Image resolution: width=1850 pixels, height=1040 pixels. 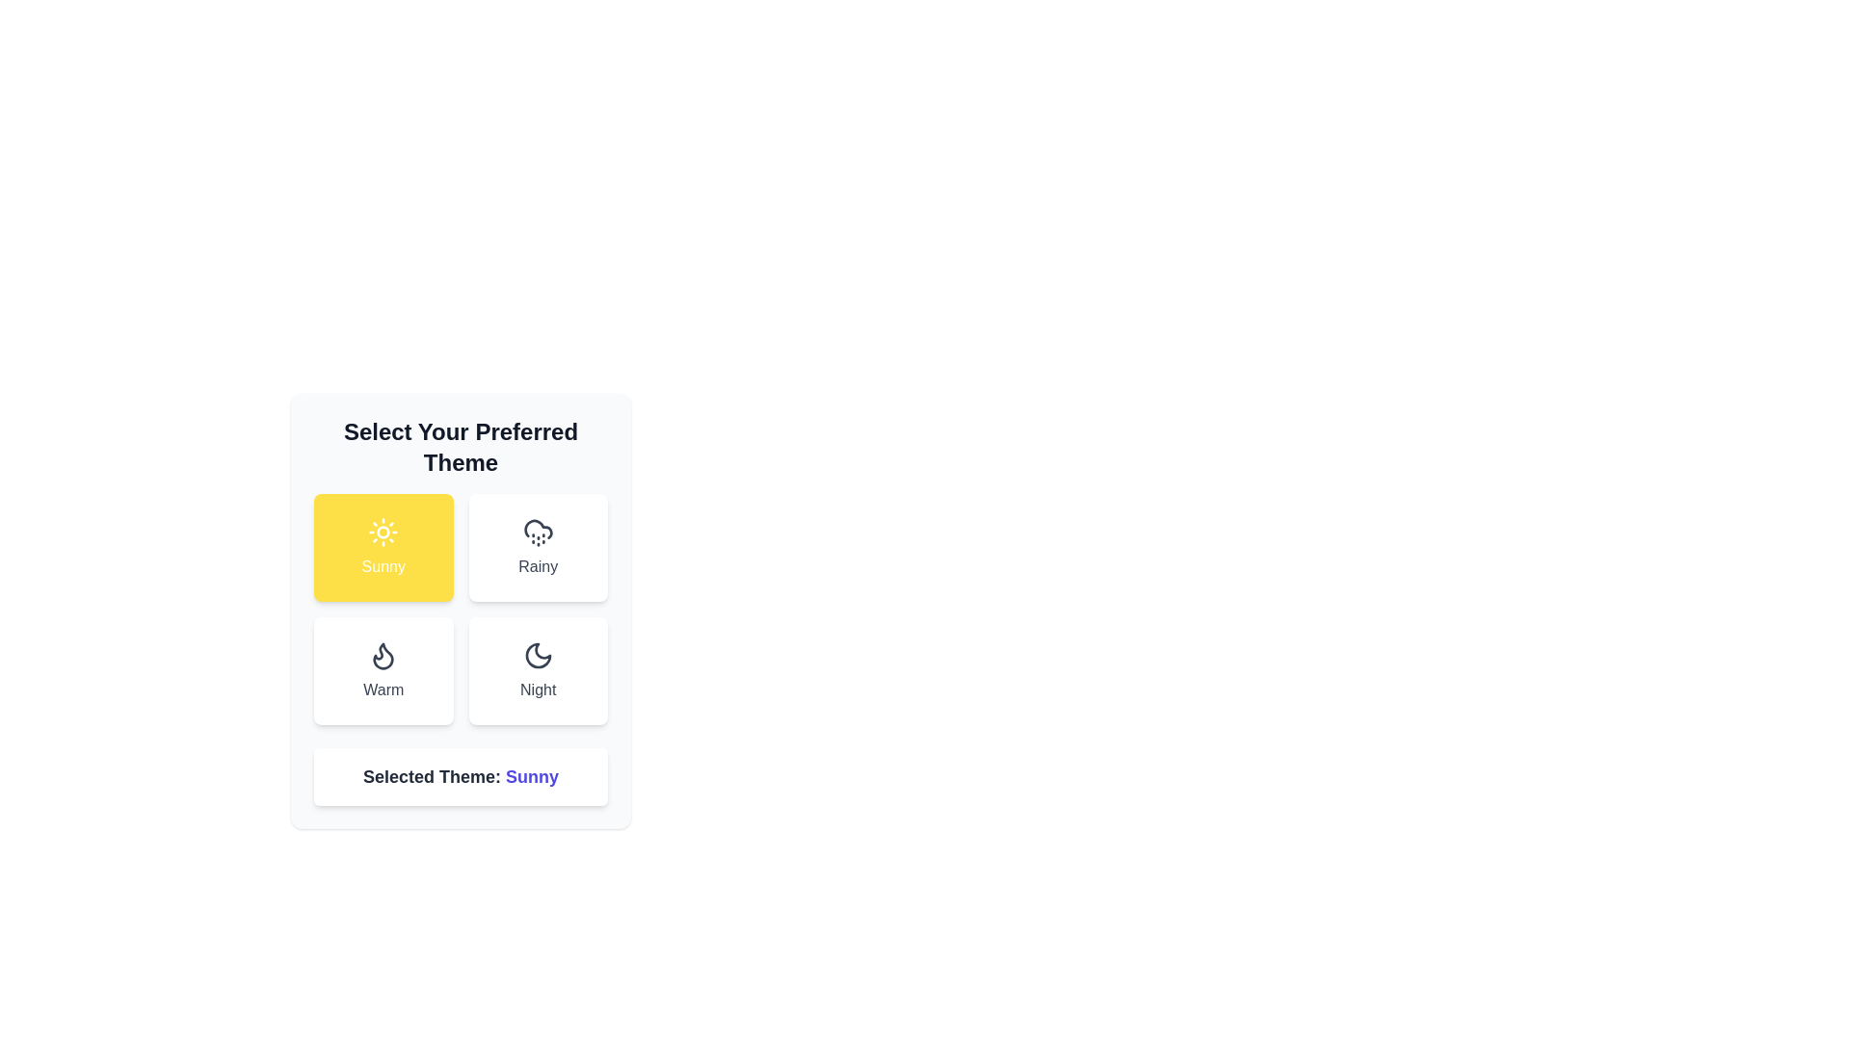 I want to click on the theme button labeled Warm to observe its hover effect, so click(x=383, y=670).